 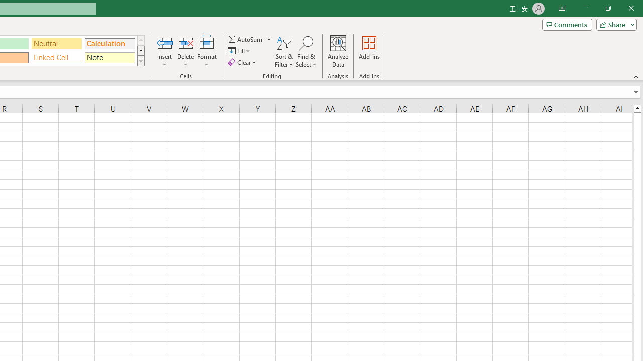 What do you see at coordinates (206, 52) in the screenshot?
I see `'Format'` at bounding box center [206, 52].